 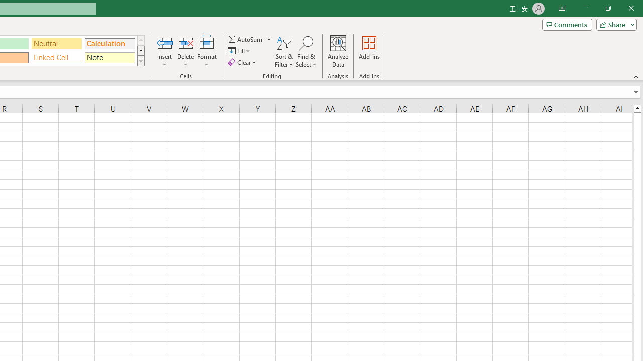 What do you see at coordinates (206, 52) in the screenshot?
I see `'Format'` at bounding box center [206, 52].